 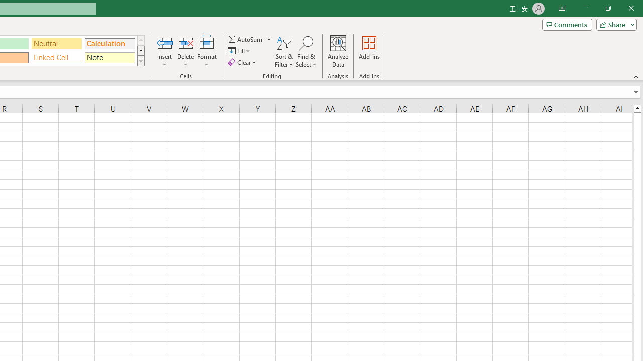 What do you see at coordinates (206, 52) in the screenshot?
I see `'Format'` at bounding box center [206, 52].